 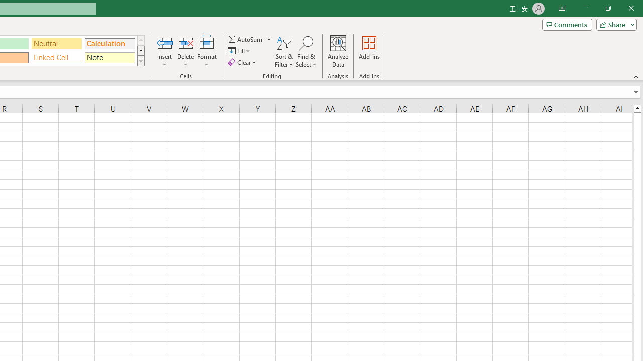 What do you see at coordinates (206, 52) in the screenshot?
I see `'Format'` at bounding box center [206, 52].